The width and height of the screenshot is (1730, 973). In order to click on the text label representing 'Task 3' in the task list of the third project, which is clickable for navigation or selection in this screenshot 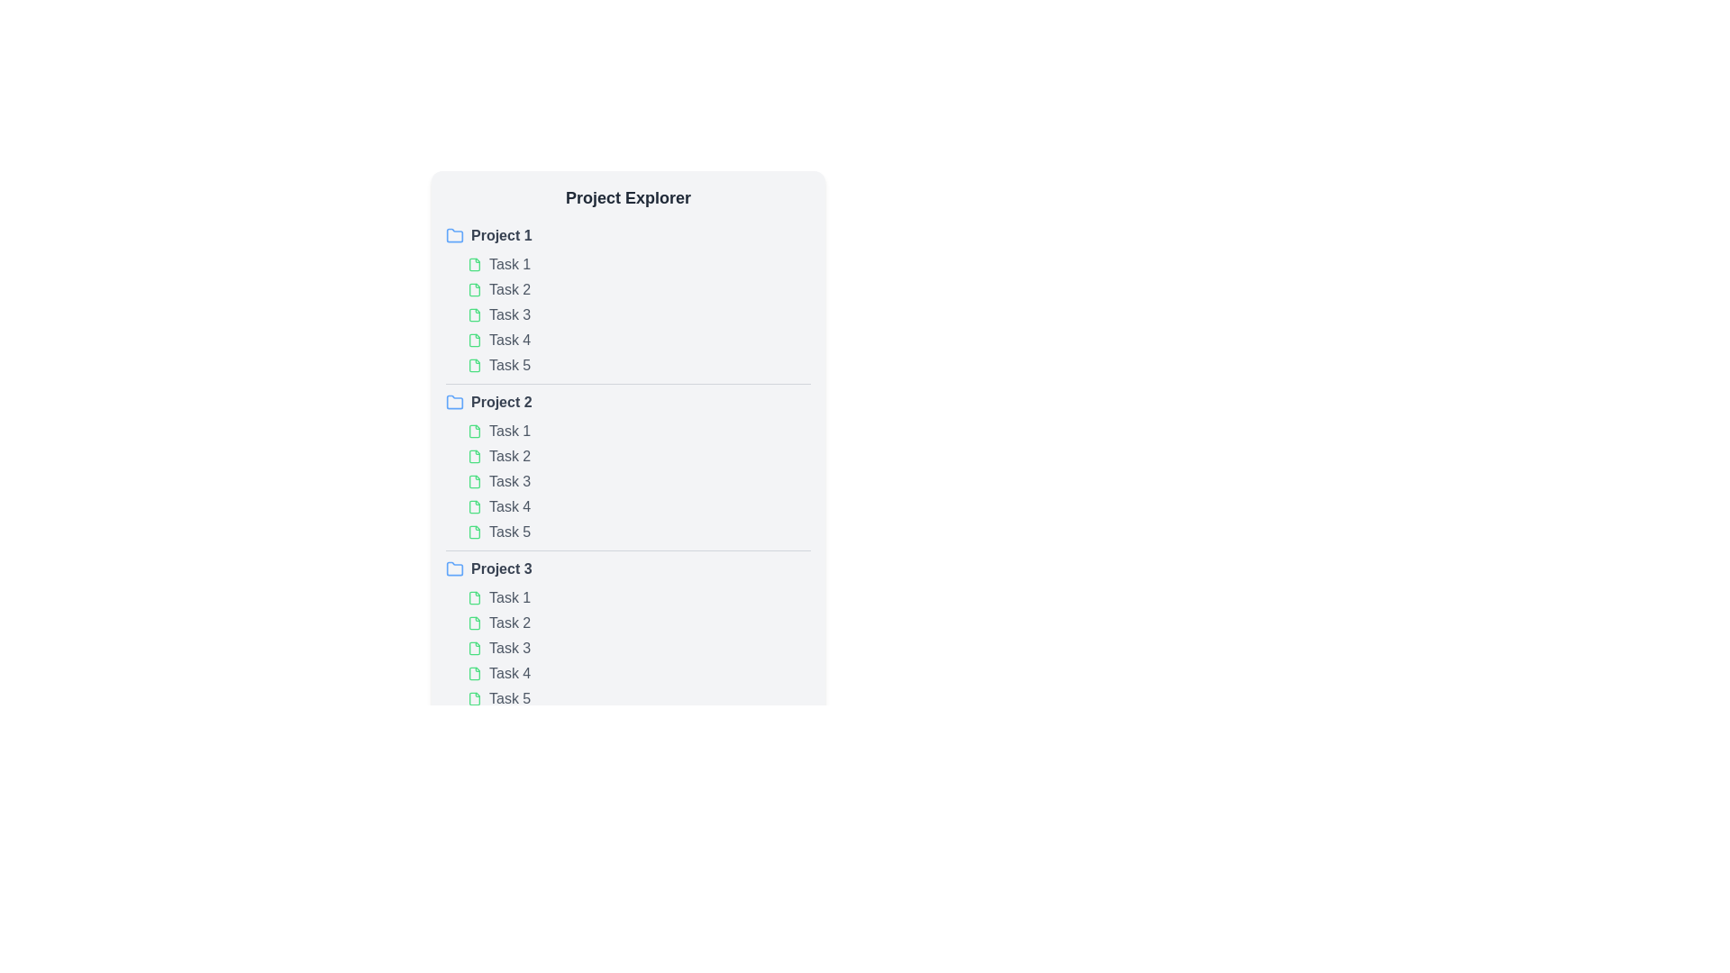, I will do `click(509, 649)`.